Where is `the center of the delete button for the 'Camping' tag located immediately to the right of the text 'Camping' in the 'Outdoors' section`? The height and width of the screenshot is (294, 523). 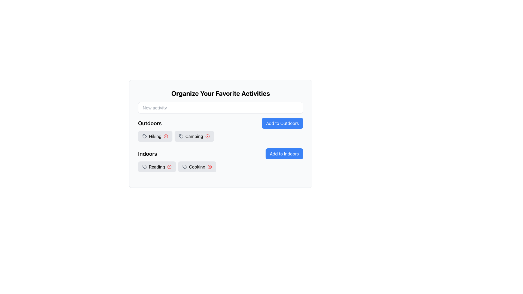
the center of the delete button for the 'Camping' tag located immediately to the right of the text 'Camping' in the 'Outdoors' section is located at coordinates (207, 136).